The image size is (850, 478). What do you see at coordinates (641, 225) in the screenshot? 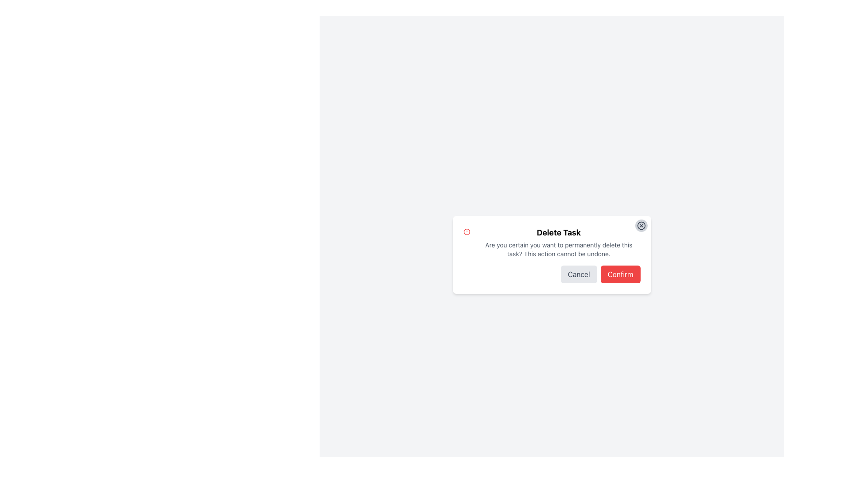
I see `the center of the close button icon in the top-right corner of the 'Delete Task' modal` at bounding box center [641, 225].